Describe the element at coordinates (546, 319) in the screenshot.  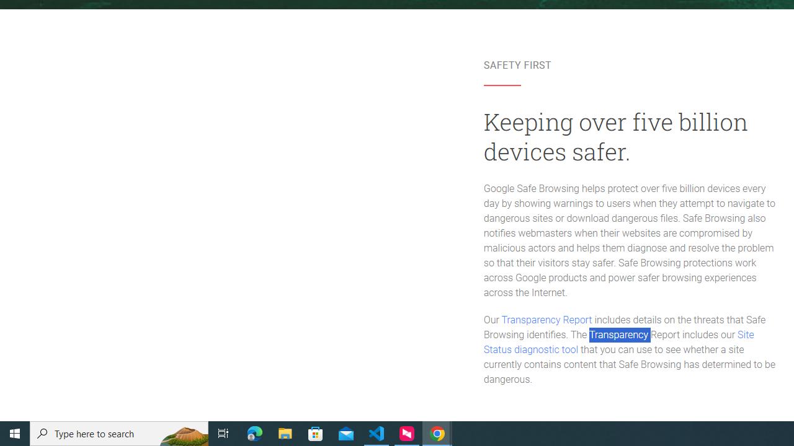
I see `'Transparency Report'` at that location.